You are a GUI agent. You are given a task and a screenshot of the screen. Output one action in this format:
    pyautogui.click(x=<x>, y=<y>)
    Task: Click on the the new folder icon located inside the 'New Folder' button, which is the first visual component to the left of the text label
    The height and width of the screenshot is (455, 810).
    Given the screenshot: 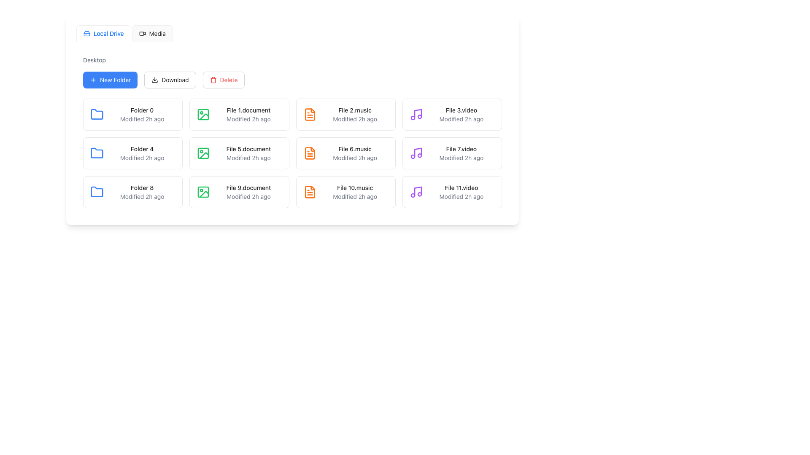 What is the action you would take?
    pyautogui.click(x=93, y=80)
    